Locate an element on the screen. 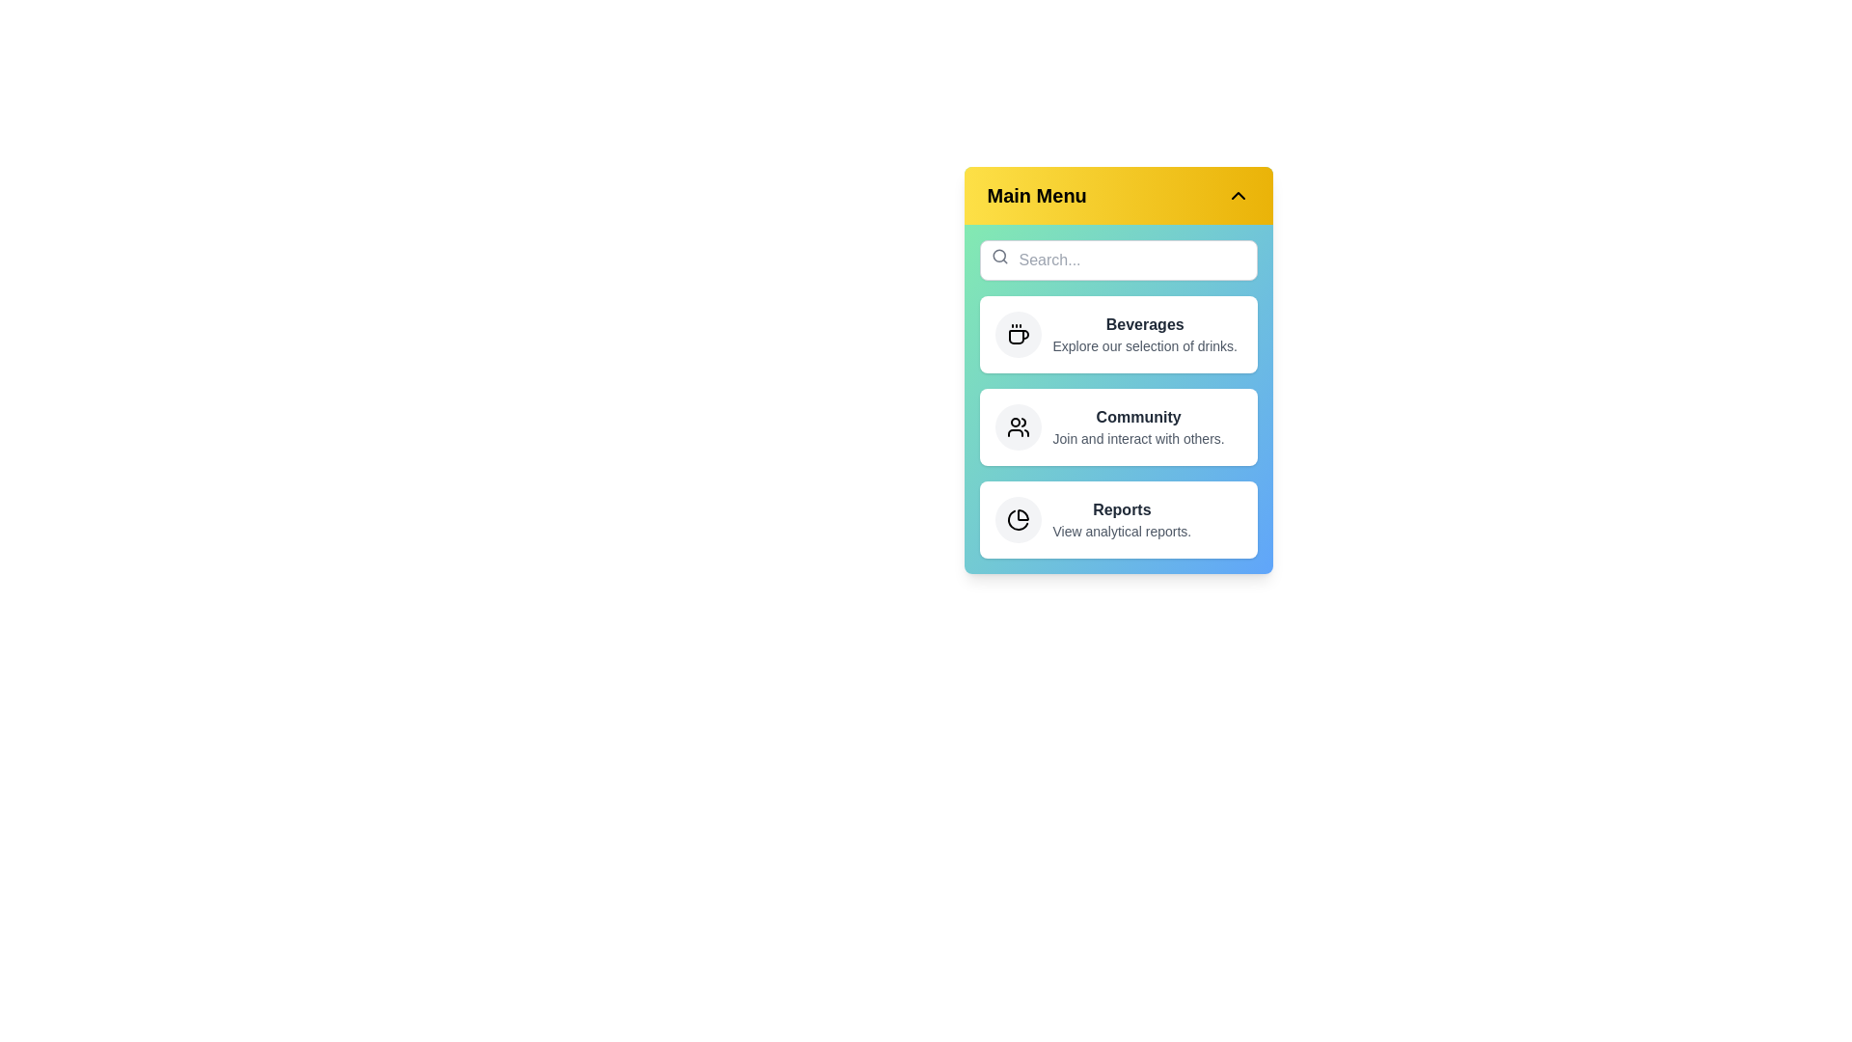 This screenshot has width=1852, height=1042. the menu item Reports to view its details is located at coordinates (1118, 519).